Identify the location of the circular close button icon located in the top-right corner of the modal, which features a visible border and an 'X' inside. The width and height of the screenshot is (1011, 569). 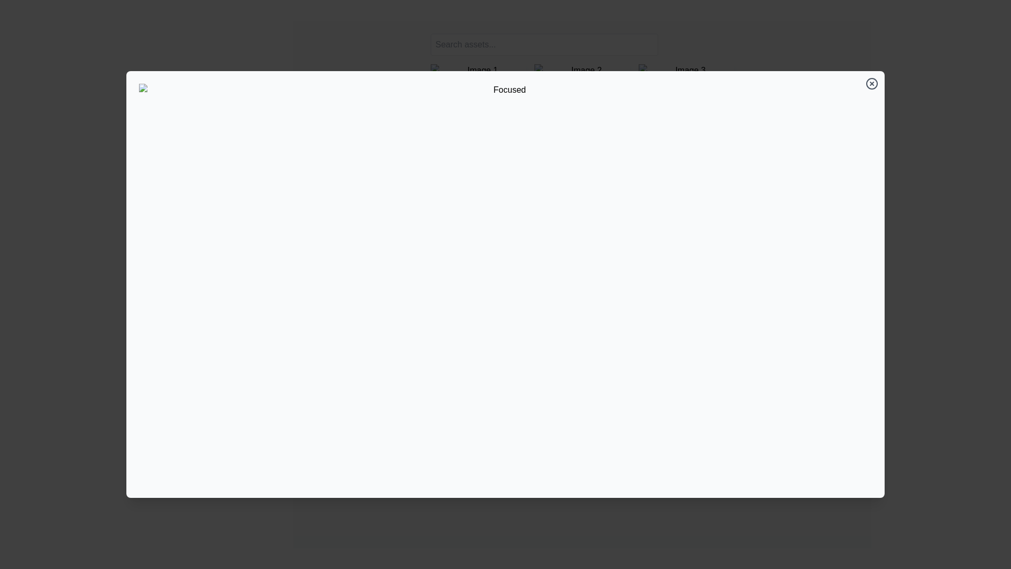
(872, 83).